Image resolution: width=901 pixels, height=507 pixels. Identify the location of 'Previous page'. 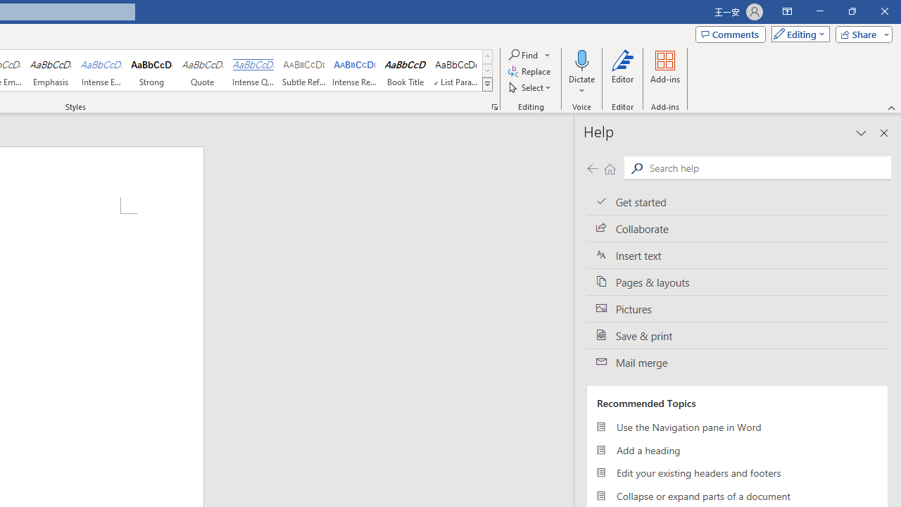
(592, 168).